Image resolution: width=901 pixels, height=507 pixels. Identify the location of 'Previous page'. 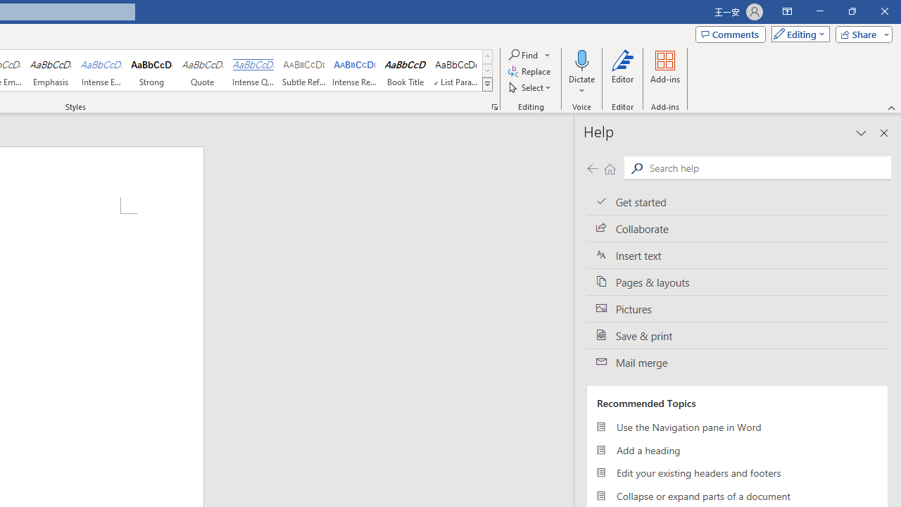
(592, 168).